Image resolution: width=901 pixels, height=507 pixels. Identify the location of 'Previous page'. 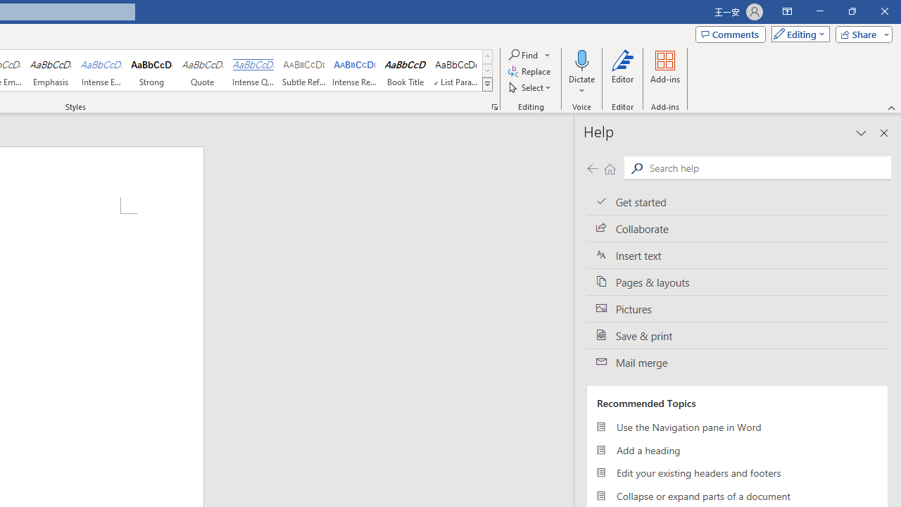
(592, 168).